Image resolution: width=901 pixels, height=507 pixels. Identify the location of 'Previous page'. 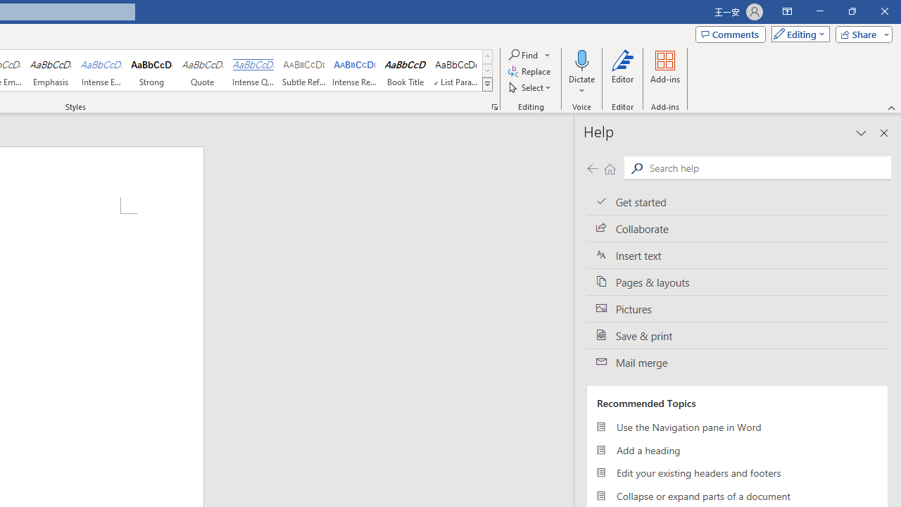
(592, 168).